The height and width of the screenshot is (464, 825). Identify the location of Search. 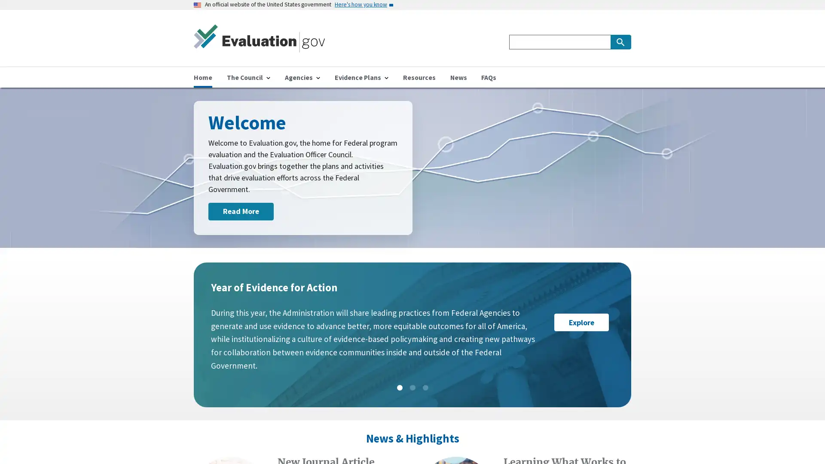
(620, 42).